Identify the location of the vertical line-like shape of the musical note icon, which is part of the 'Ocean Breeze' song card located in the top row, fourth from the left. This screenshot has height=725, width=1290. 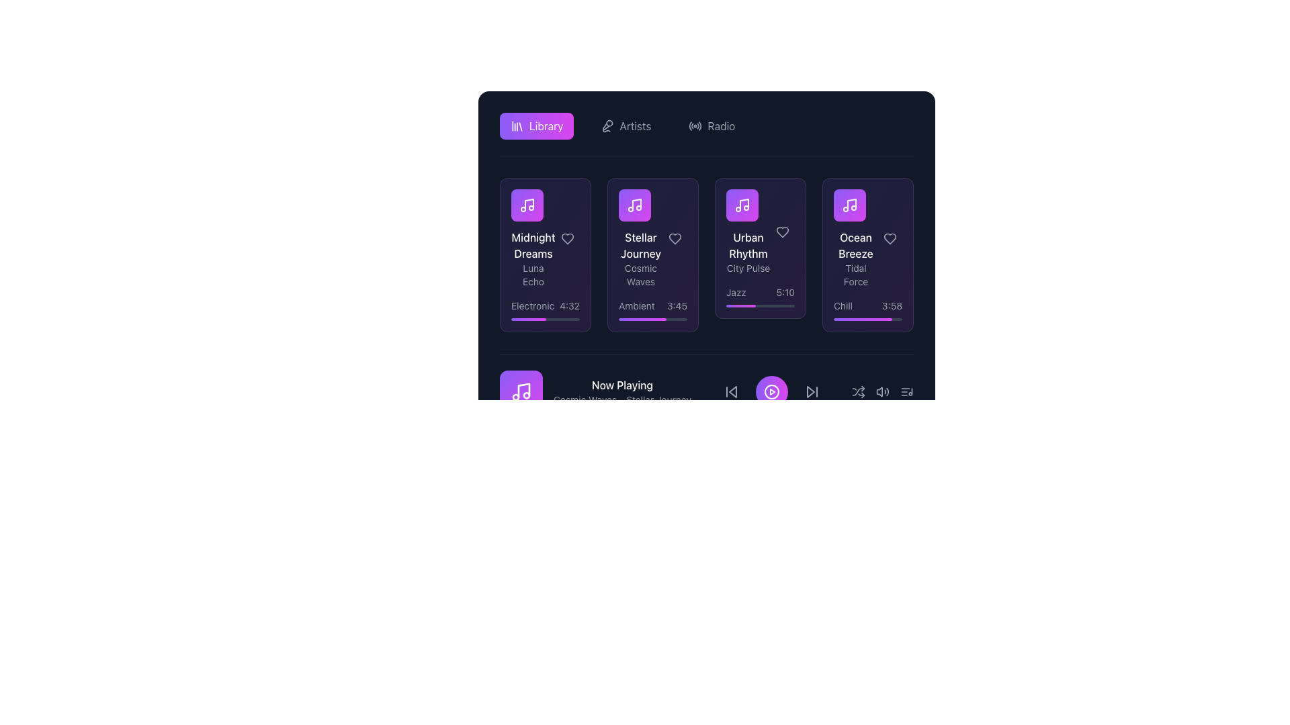
(851, 204).